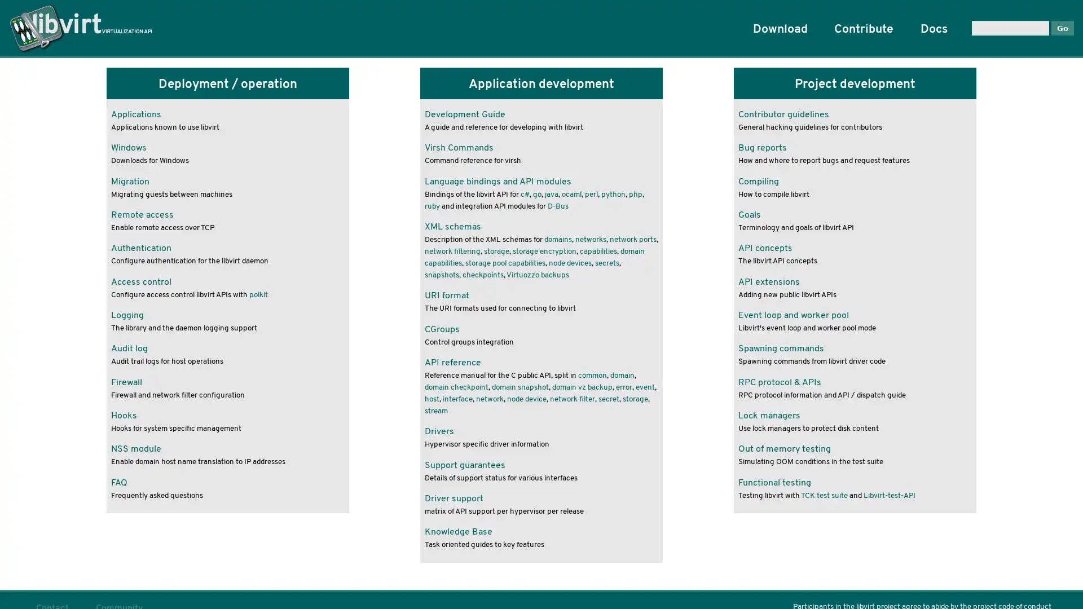 The height and width of the screenshot is (609, 1083). What do you see at coordinates (1062, 27) in the screenshot?
I see `Go` at bounding box center [1062, 27].